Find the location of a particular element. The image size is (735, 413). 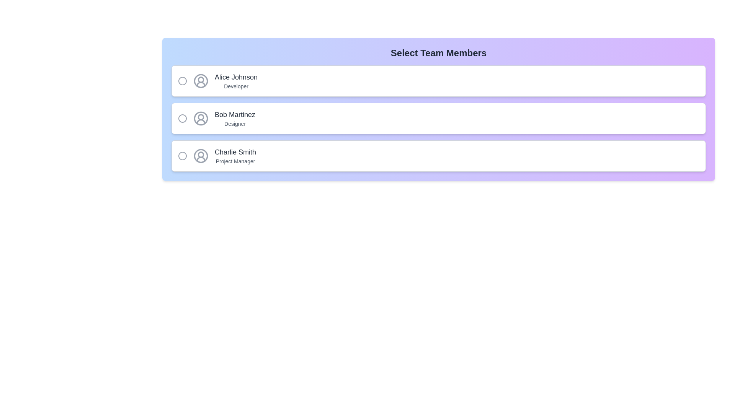

text label that reads 'Designer', which is located below the name 'Bob Martinez' within the team member card is located at coordinates (235, 124).